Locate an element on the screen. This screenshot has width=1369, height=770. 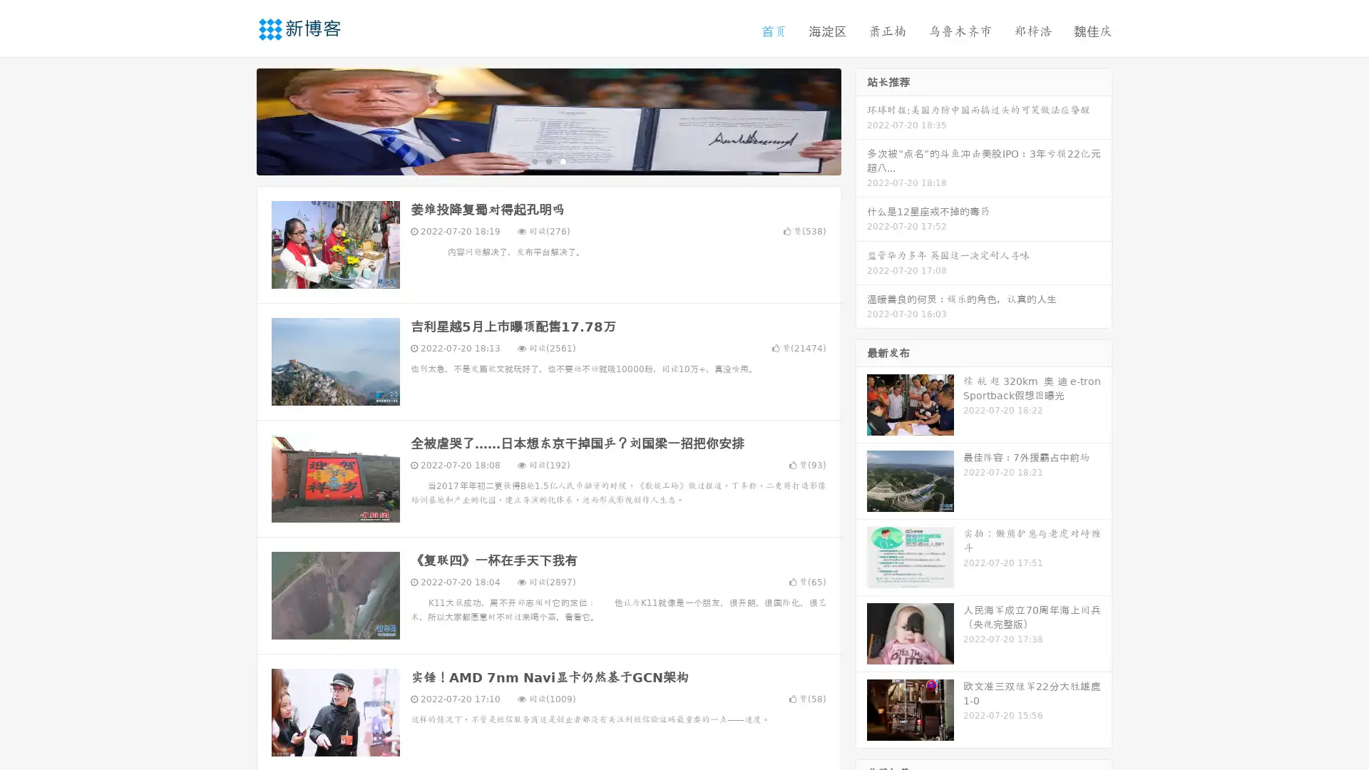
Next slide is located at coordinates (861, 120).